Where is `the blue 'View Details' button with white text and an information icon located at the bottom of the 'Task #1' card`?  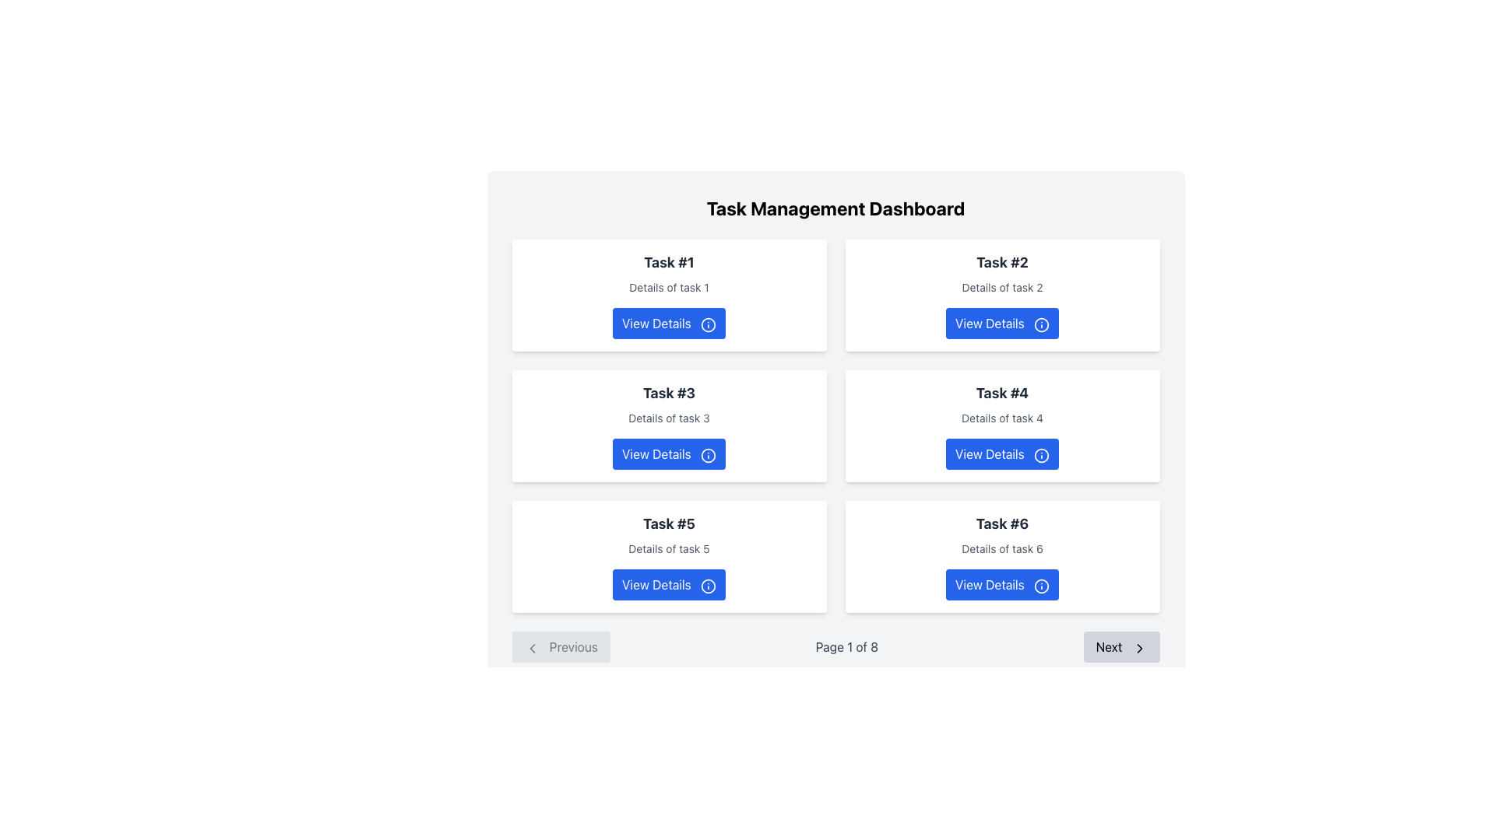
the blue 'View Details' button with white text and an information icon located at the bottom of the 'Task #1' card is located at coordinates (669, 323).